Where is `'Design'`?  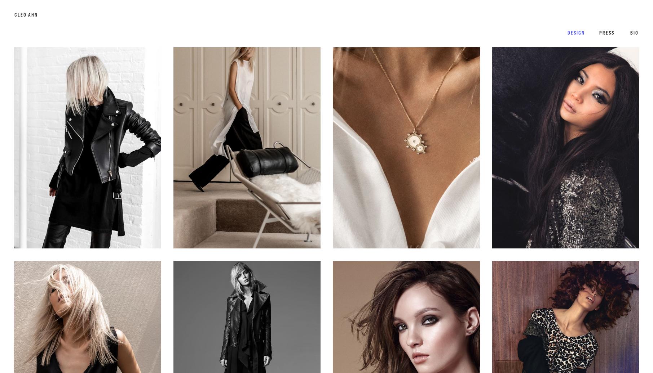 'Design' is located at coordinates (576, 33).